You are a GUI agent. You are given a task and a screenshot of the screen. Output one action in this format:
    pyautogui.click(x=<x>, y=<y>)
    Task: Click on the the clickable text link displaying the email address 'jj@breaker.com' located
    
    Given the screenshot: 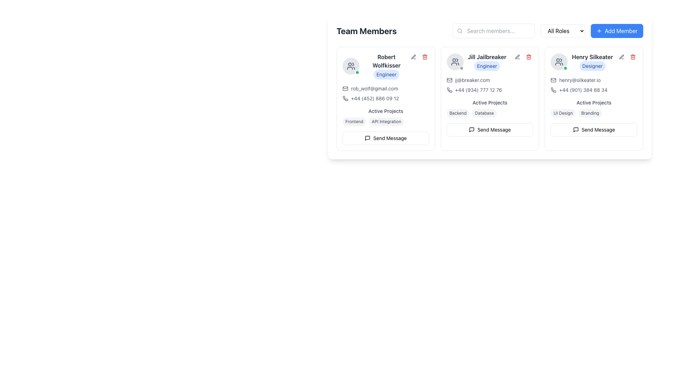 What is the action you would take?
    pyautogui.click(x=472, y=80)
    